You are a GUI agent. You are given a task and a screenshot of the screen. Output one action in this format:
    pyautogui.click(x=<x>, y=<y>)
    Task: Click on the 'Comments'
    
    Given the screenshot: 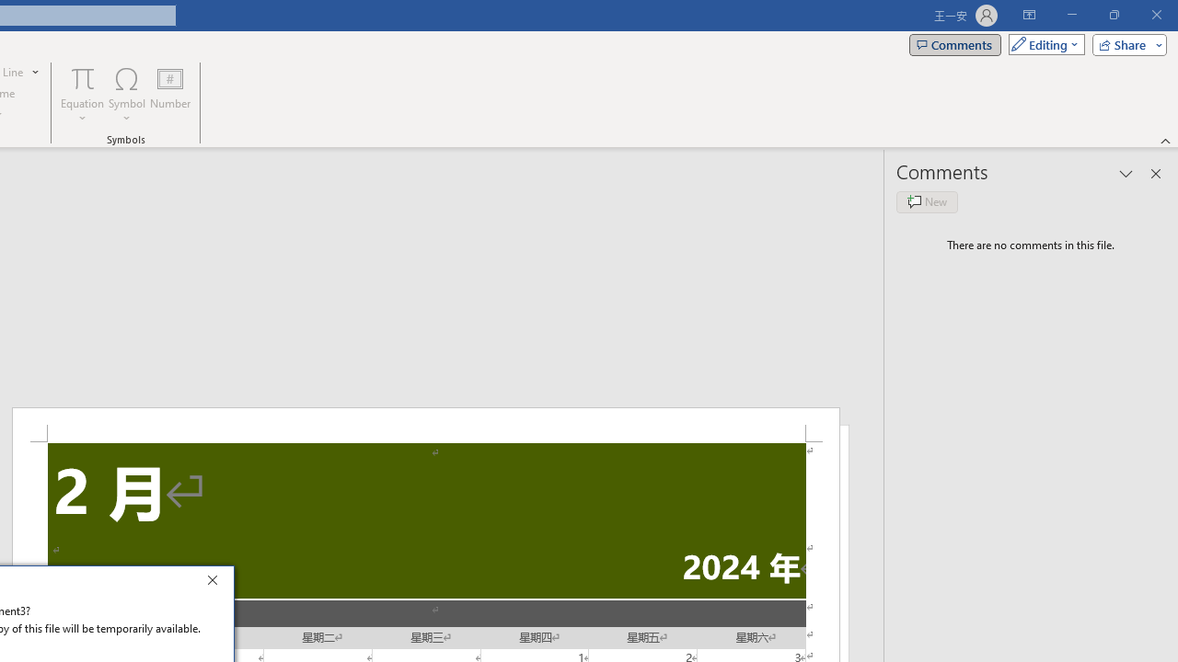 What is the action you would take?
    pyautogui.click(x=955, y=43)
    